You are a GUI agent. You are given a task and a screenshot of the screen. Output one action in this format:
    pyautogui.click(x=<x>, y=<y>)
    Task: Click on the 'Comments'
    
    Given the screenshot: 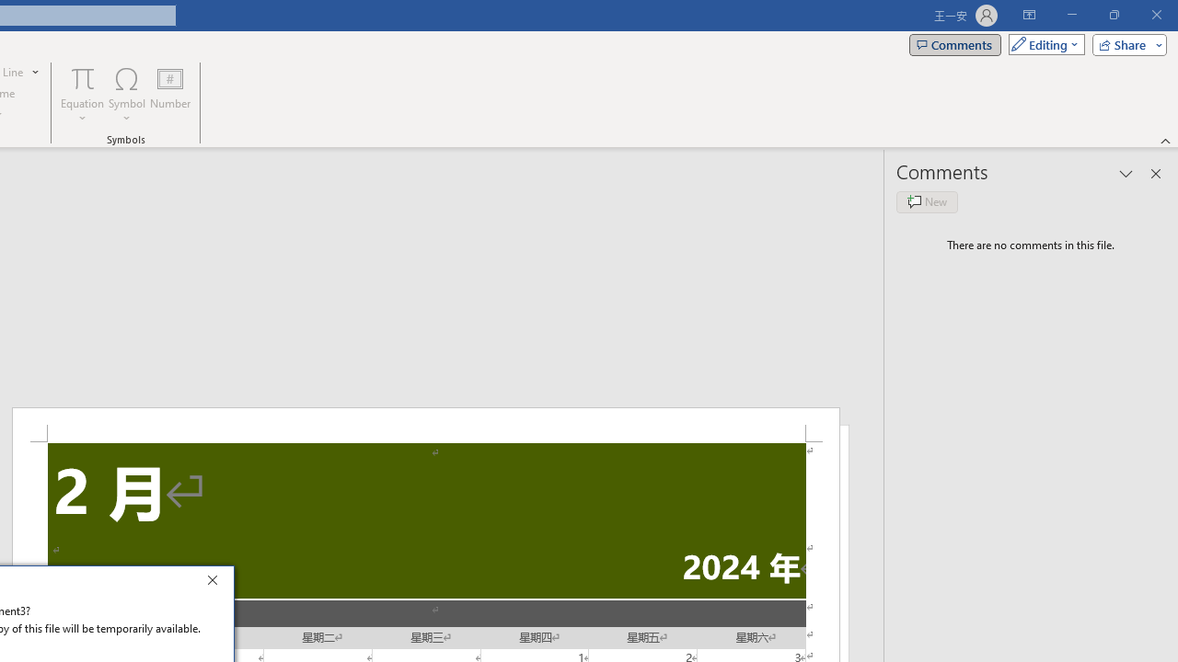 What is the action you would take?
    pyautogui.click(x=955, y=43)
    